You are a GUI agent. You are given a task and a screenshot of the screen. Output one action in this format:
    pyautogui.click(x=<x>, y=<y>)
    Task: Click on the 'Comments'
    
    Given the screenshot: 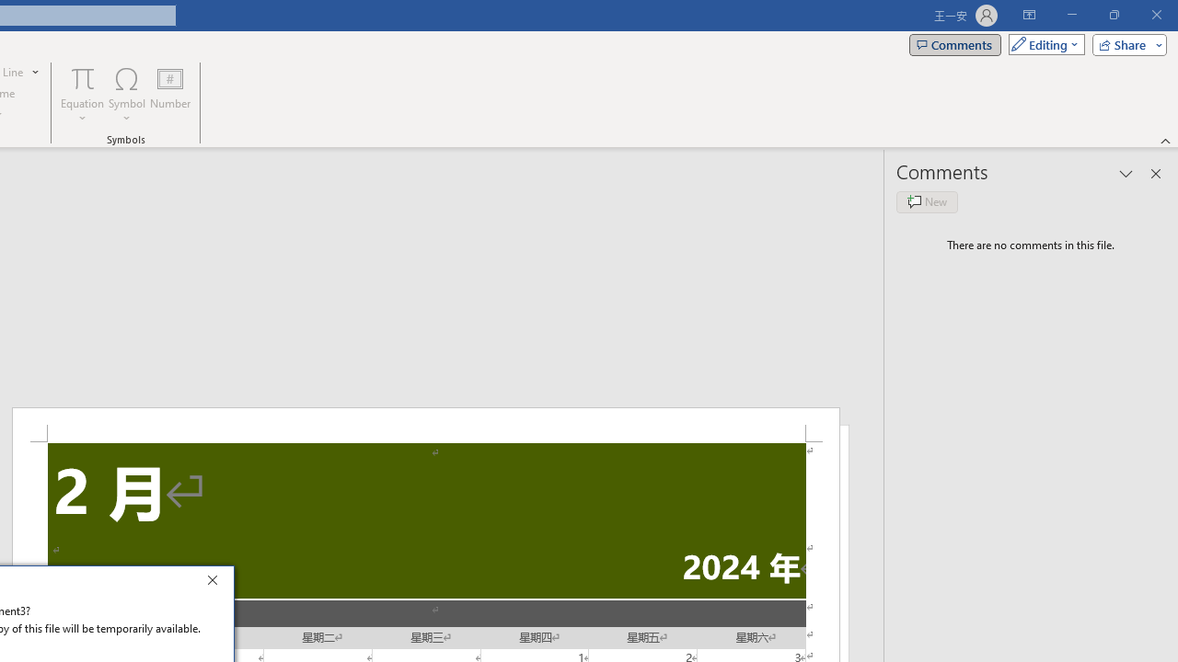 What is the action you would take?
    pyautogui.click(x=955, y=43)
    